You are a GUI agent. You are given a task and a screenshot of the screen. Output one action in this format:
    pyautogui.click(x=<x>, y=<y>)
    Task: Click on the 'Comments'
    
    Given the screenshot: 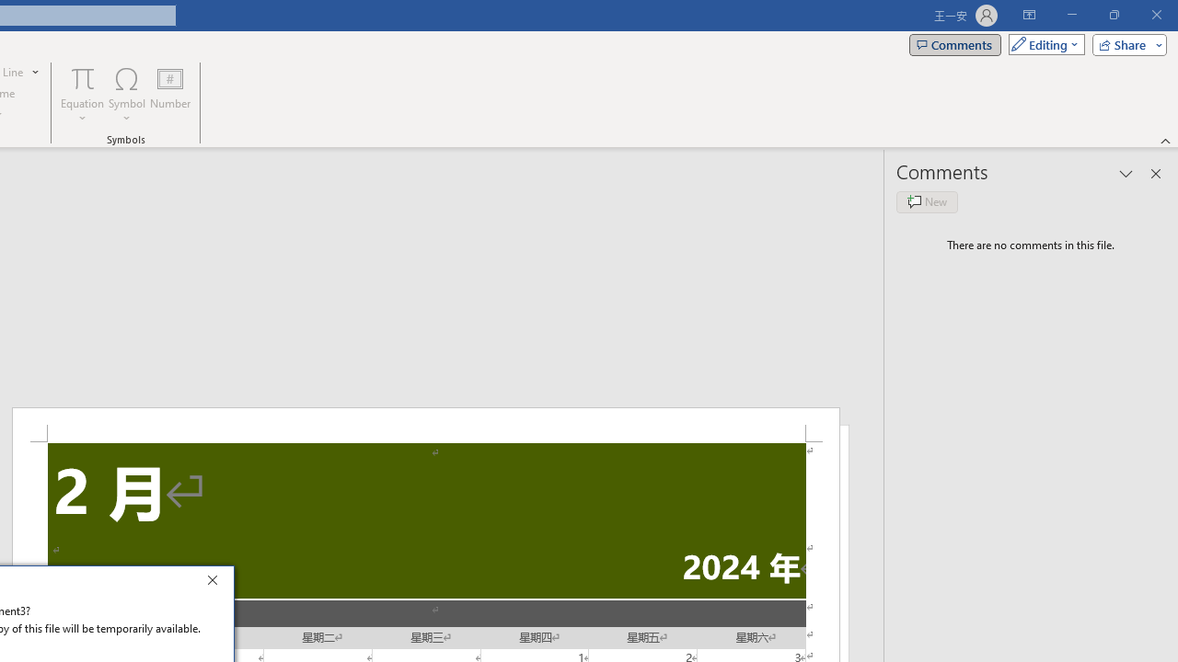 What is the action you would take?
    pyautogui.click(x=955, y=43)
    